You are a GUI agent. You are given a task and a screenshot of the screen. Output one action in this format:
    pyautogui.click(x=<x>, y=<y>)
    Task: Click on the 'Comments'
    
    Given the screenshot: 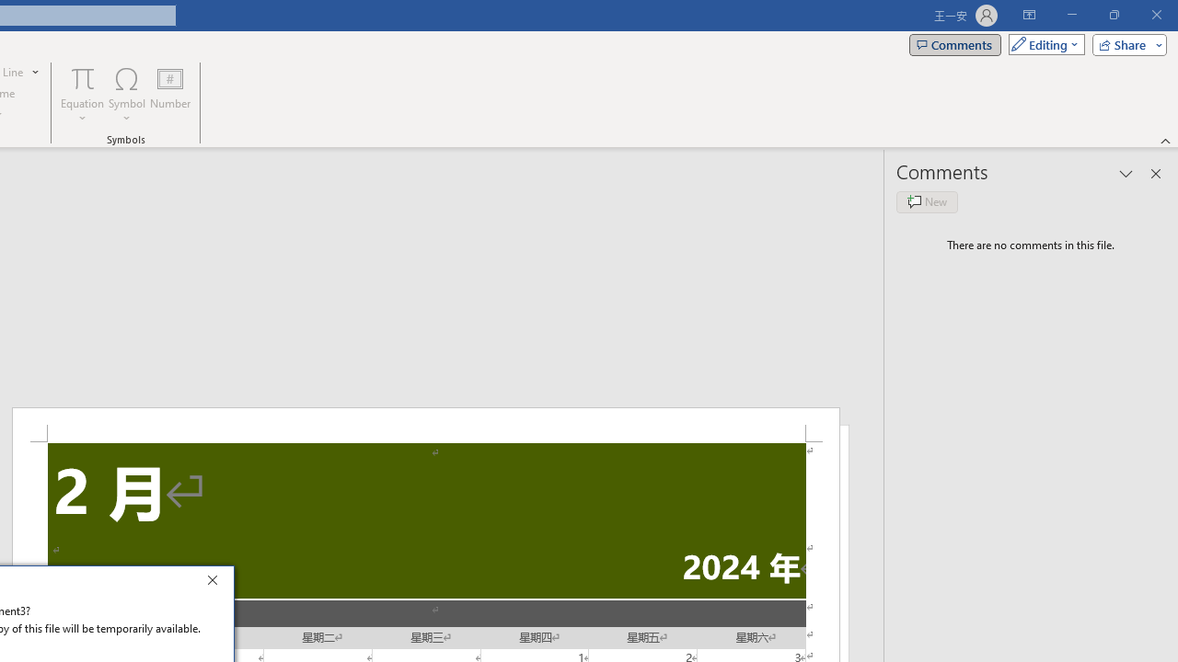 What is the action you would take?
    pyautogui.click(x=955, y=43)
    